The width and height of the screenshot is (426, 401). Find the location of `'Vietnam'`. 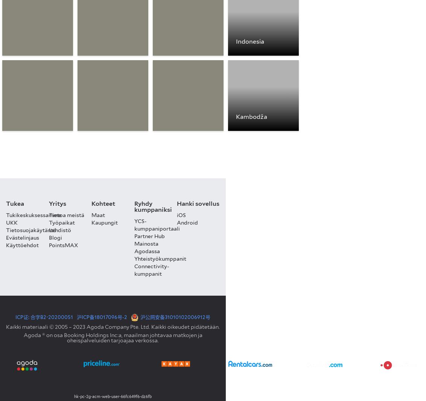

'Vietnam' is located at coordinates (22, 117).